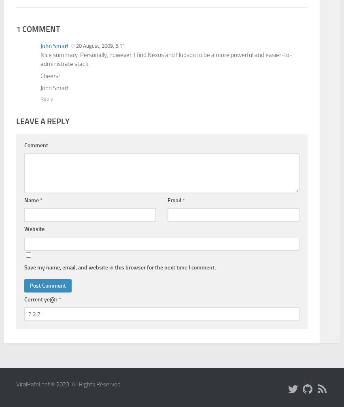 The height and width of the screenshot is (407, 344). I want to click on 'Display Twitter User Image on your Blog/Website in 2 Minutes', so click(47, 143).